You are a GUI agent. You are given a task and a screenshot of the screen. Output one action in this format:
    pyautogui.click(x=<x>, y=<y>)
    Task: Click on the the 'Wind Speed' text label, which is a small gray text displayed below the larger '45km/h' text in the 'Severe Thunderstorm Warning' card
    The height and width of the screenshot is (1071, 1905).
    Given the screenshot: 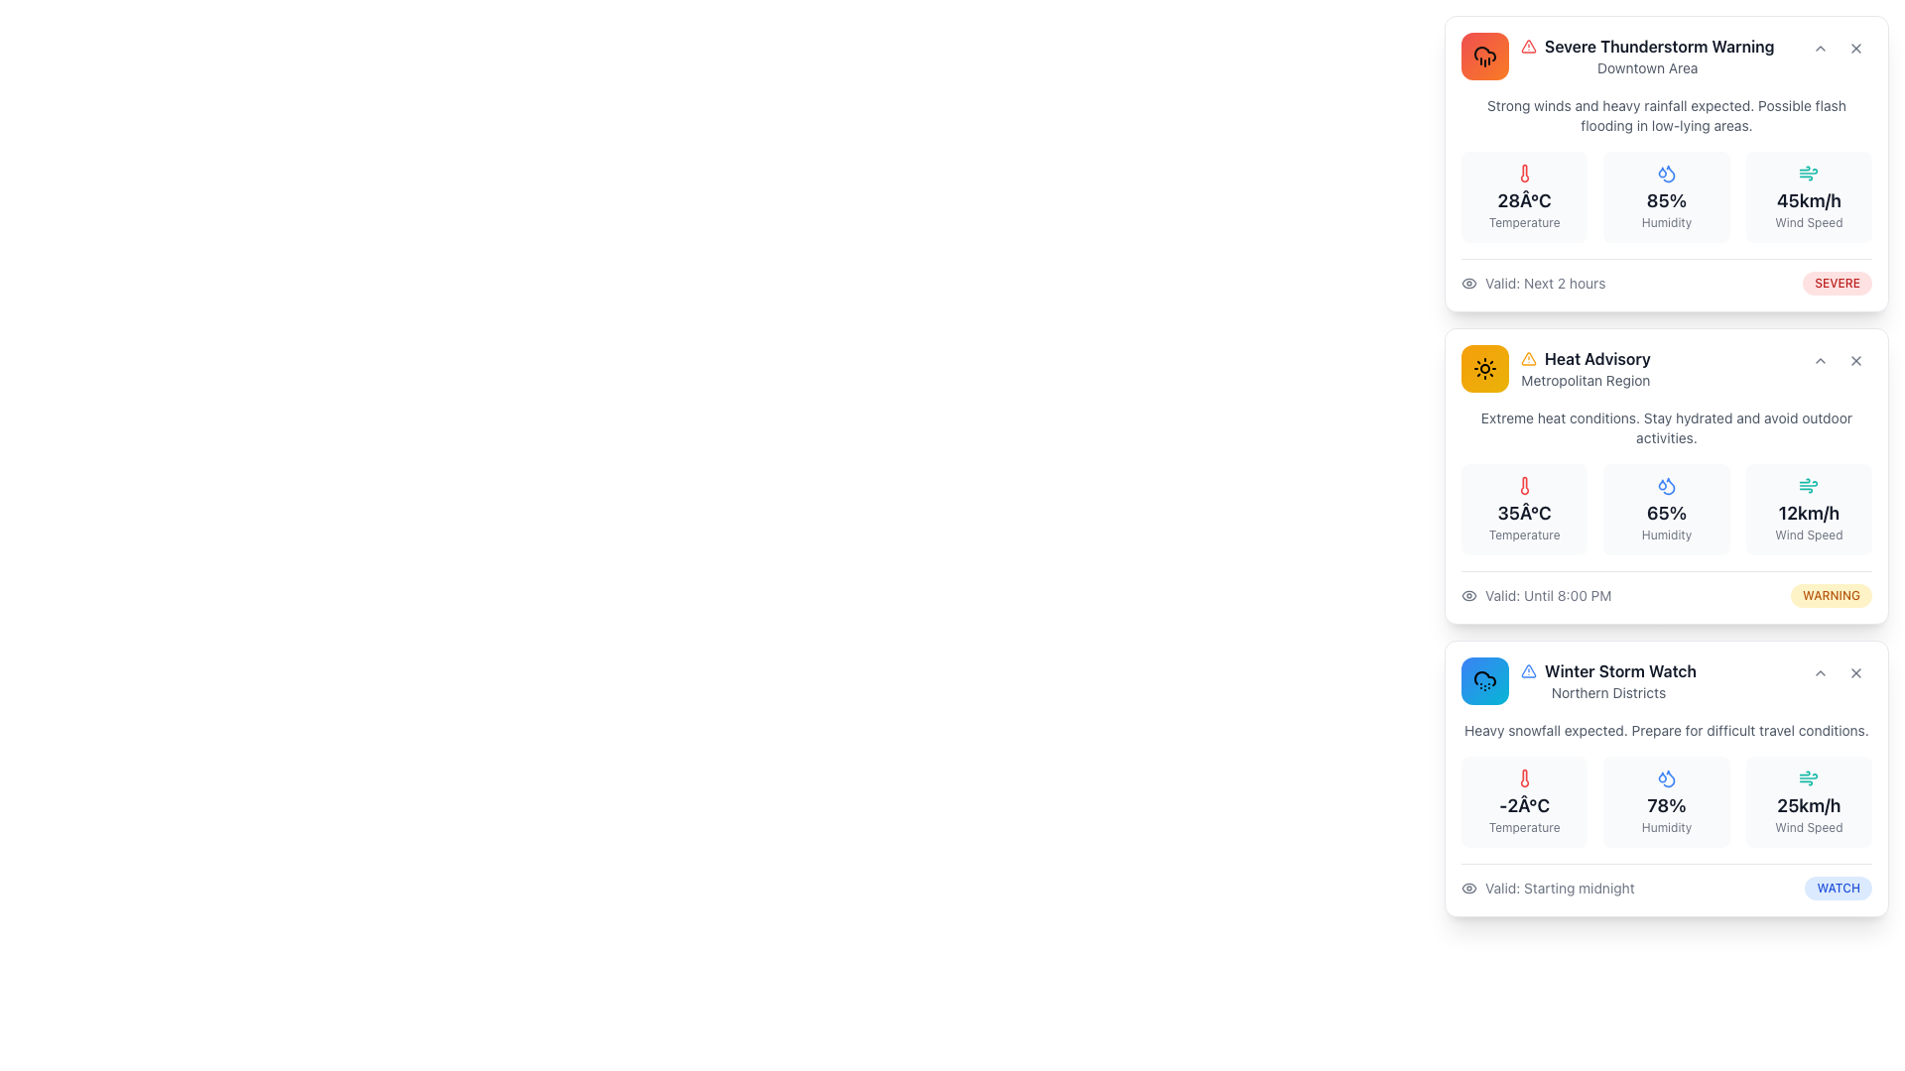 What is the action you would take?
    pyautogui.click(x=1809, y=222)
    